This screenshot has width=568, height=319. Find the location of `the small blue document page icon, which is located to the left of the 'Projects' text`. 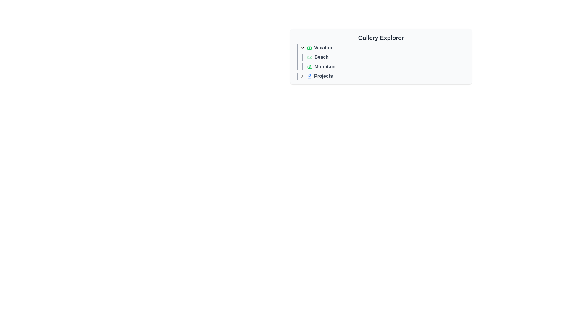

the small blue document page icon, which is located to the left of the 'Projects' text is located at coordinates (309, 76).